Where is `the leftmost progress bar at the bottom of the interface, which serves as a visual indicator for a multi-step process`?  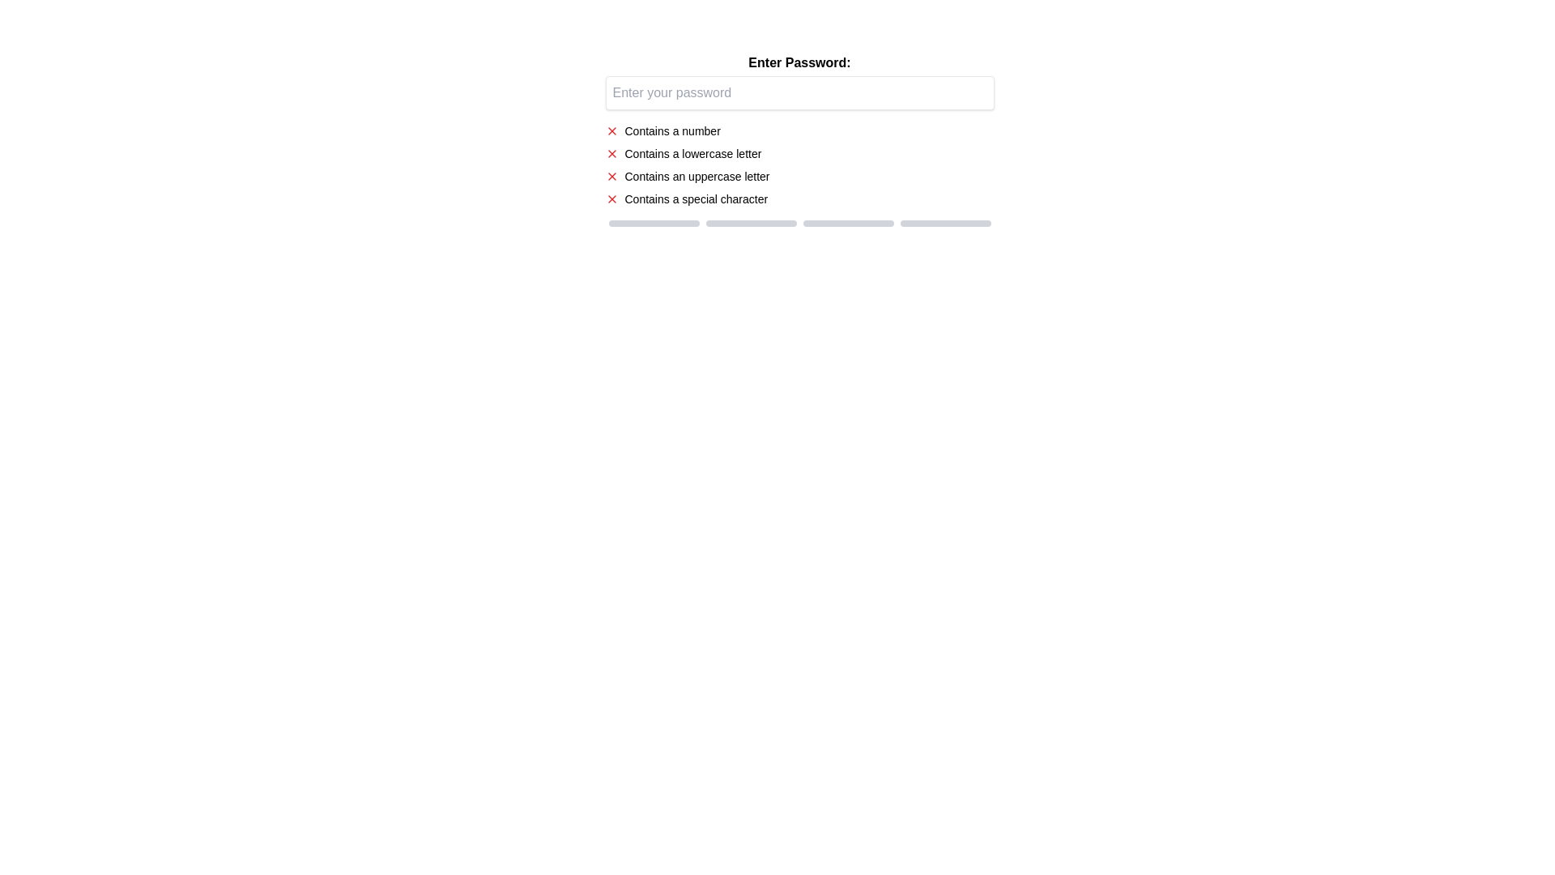 the leftmost progress bar at the bottom of the interface, which serves as a visual indicator for a multi-step process is located at coordinates (654, 224).